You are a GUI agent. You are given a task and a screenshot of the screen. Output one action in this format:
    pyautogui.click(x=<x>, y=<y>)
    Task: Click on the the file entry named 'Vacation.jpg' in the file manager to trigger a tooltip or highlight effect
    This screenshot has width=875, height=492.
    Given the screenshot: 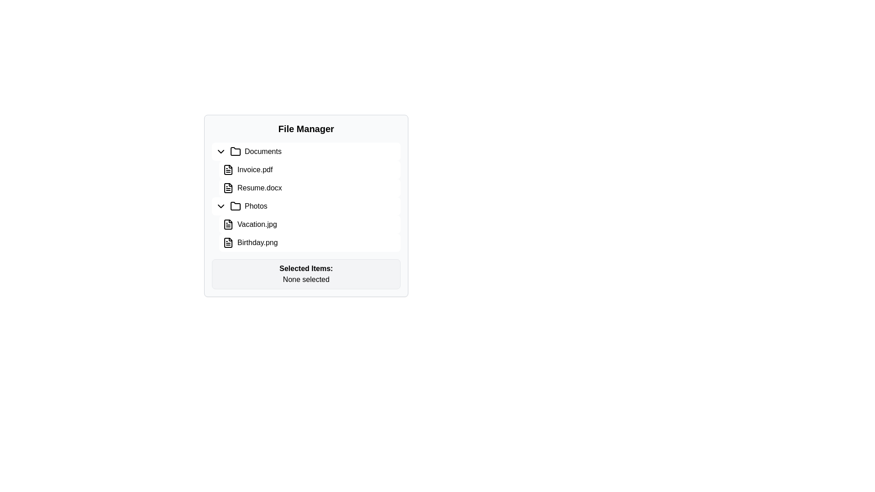 What is the action you would take?
    pyautogui.click(x=306, y=225)
    